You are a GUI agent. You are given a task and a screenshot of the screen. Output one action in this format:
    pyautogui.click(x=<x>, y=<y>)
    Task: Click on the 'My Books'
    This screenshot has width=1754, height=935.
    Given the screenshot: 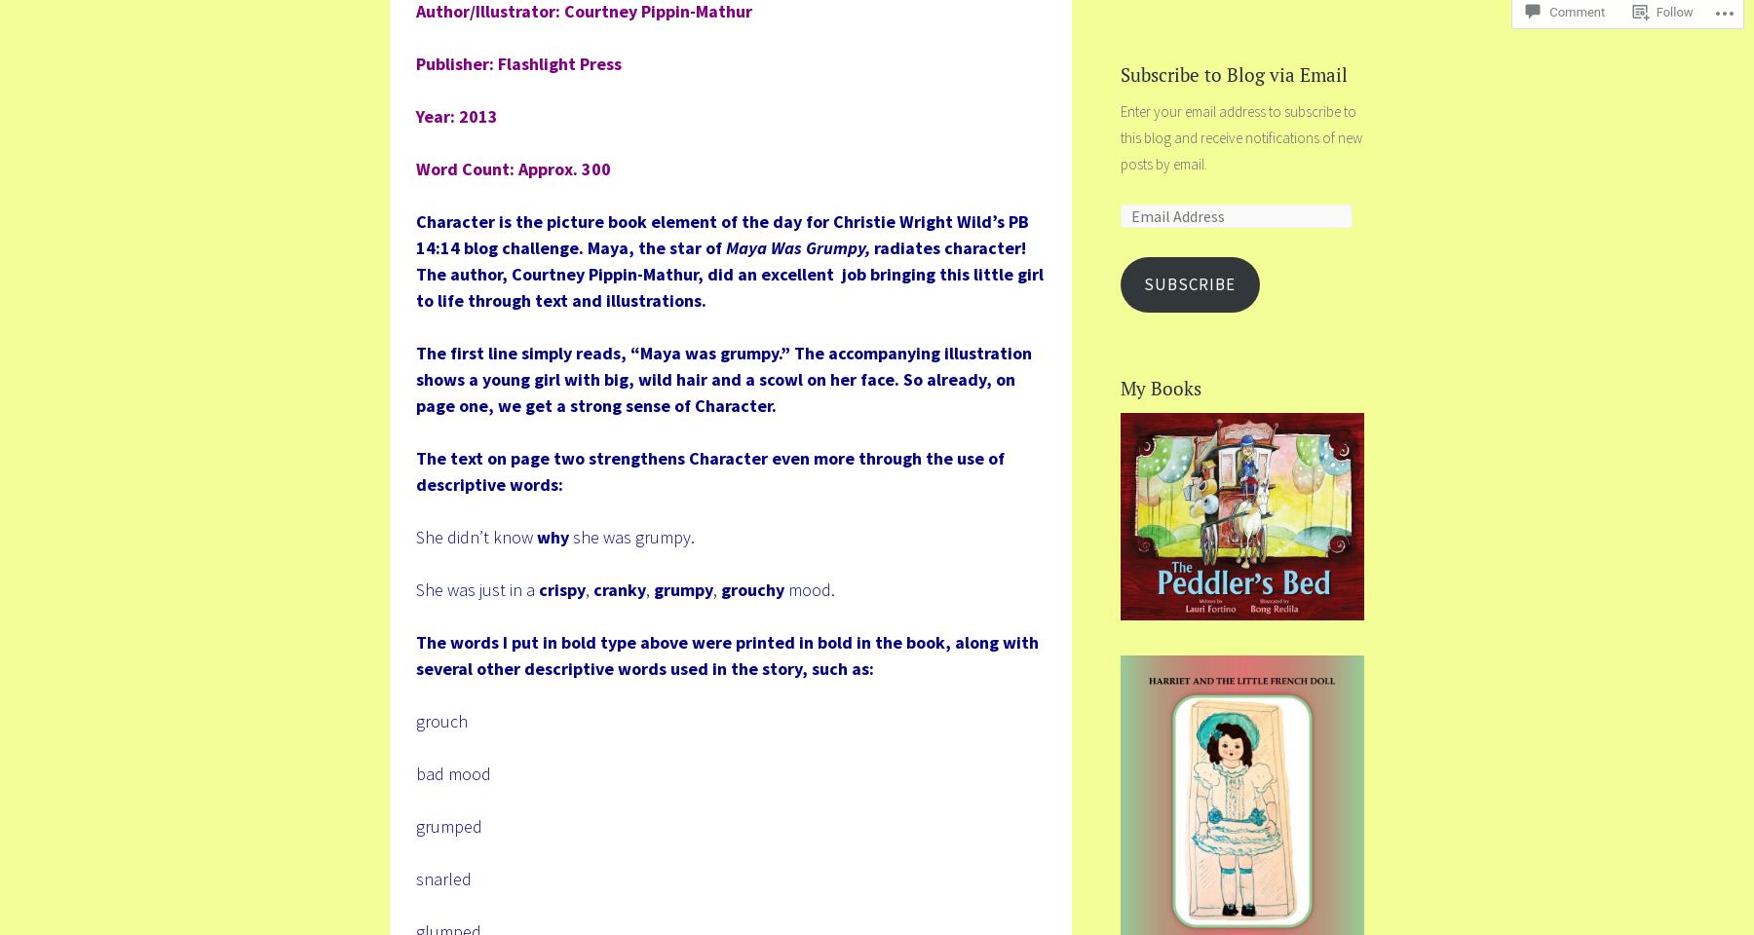 What is the action you would take?
    pyautogui.click(x=1160, y=387)
    